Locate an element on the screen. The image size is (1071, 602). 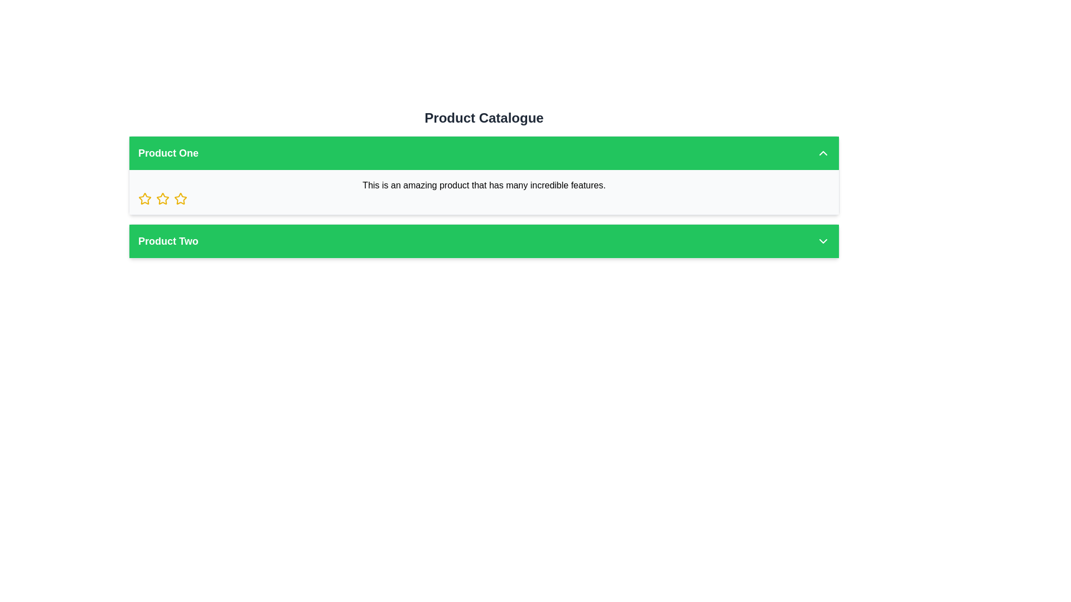
the fourth yellow star icon in the row of five stars located underneath the 'Product One' heading is located at coordinates (181, 198).